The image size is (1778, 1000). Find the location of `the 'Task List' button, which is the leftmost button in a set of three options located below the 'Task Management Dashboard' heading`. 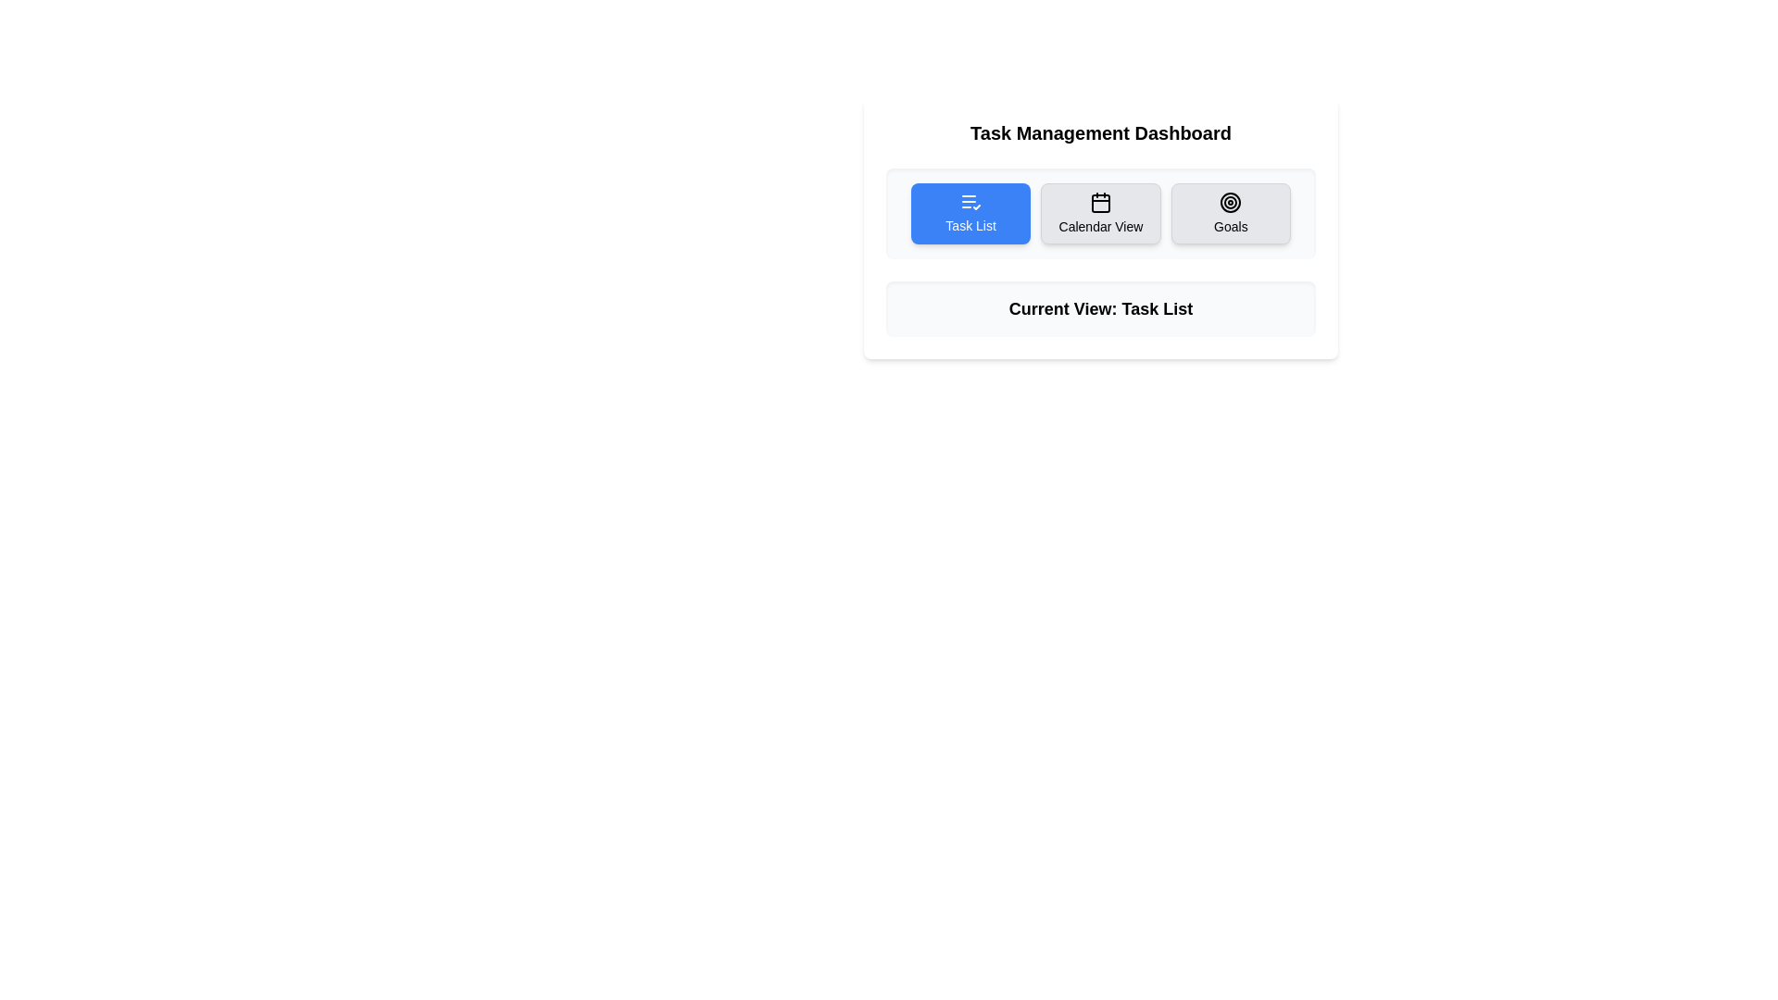

the 'Task List' button, which is the leftmost button in a set of three options located below the 'Task Management Dashboard' heading is located at coordinates (970, 213).